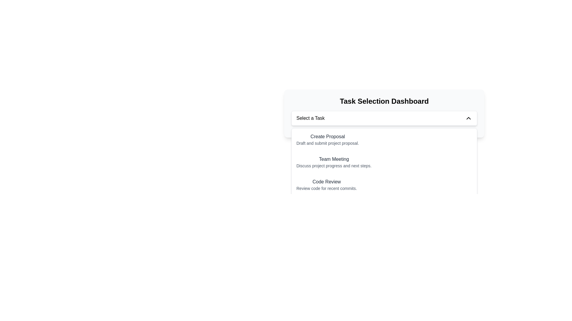 The image size is (572, 321). Describe the element at coordinates (326, 182) in the screenshot. I see `the Text label in the dropdown menu under 'Task Selection Dashboard', which is the third item aligned with the description 'Review code for recent commits.'` at that location.